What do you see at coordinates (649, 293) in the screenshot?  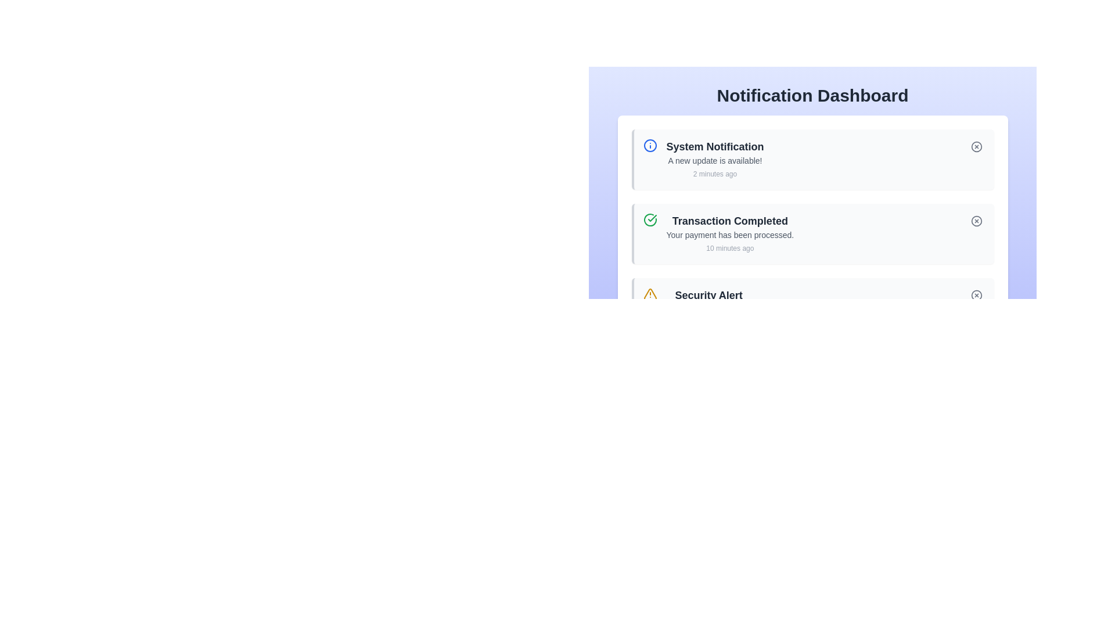 I see `the triangular warning icon with a bold yellow outline that represents the 'Security Alert' notification` at bounding box center [649, 293].